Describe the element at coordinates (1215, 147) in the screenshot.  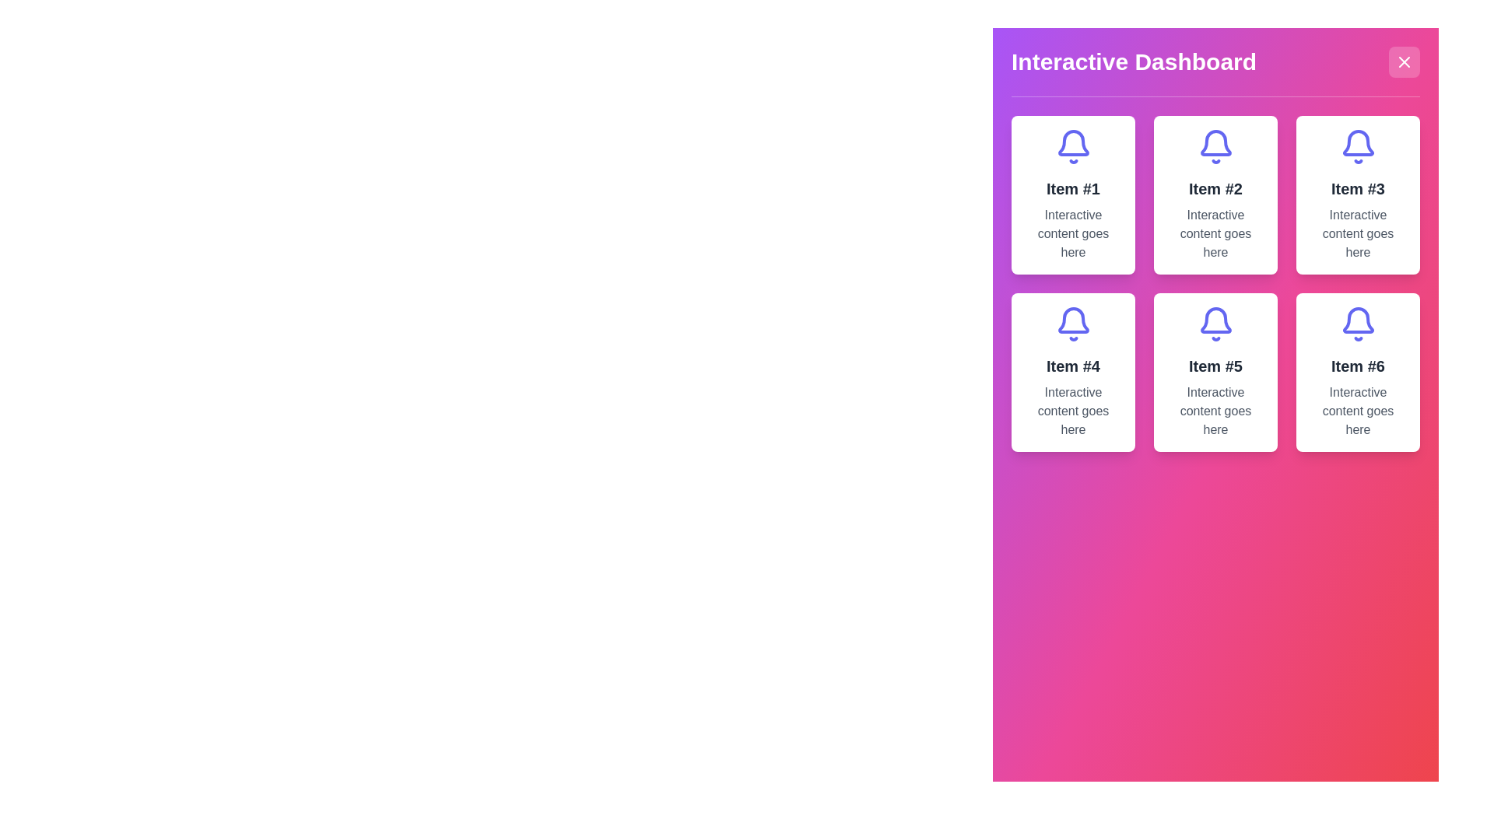
I see `the bell-shaped indigo icon located at the top of the card labeled 'Item #2' to trigger its associated functionality` at that location.